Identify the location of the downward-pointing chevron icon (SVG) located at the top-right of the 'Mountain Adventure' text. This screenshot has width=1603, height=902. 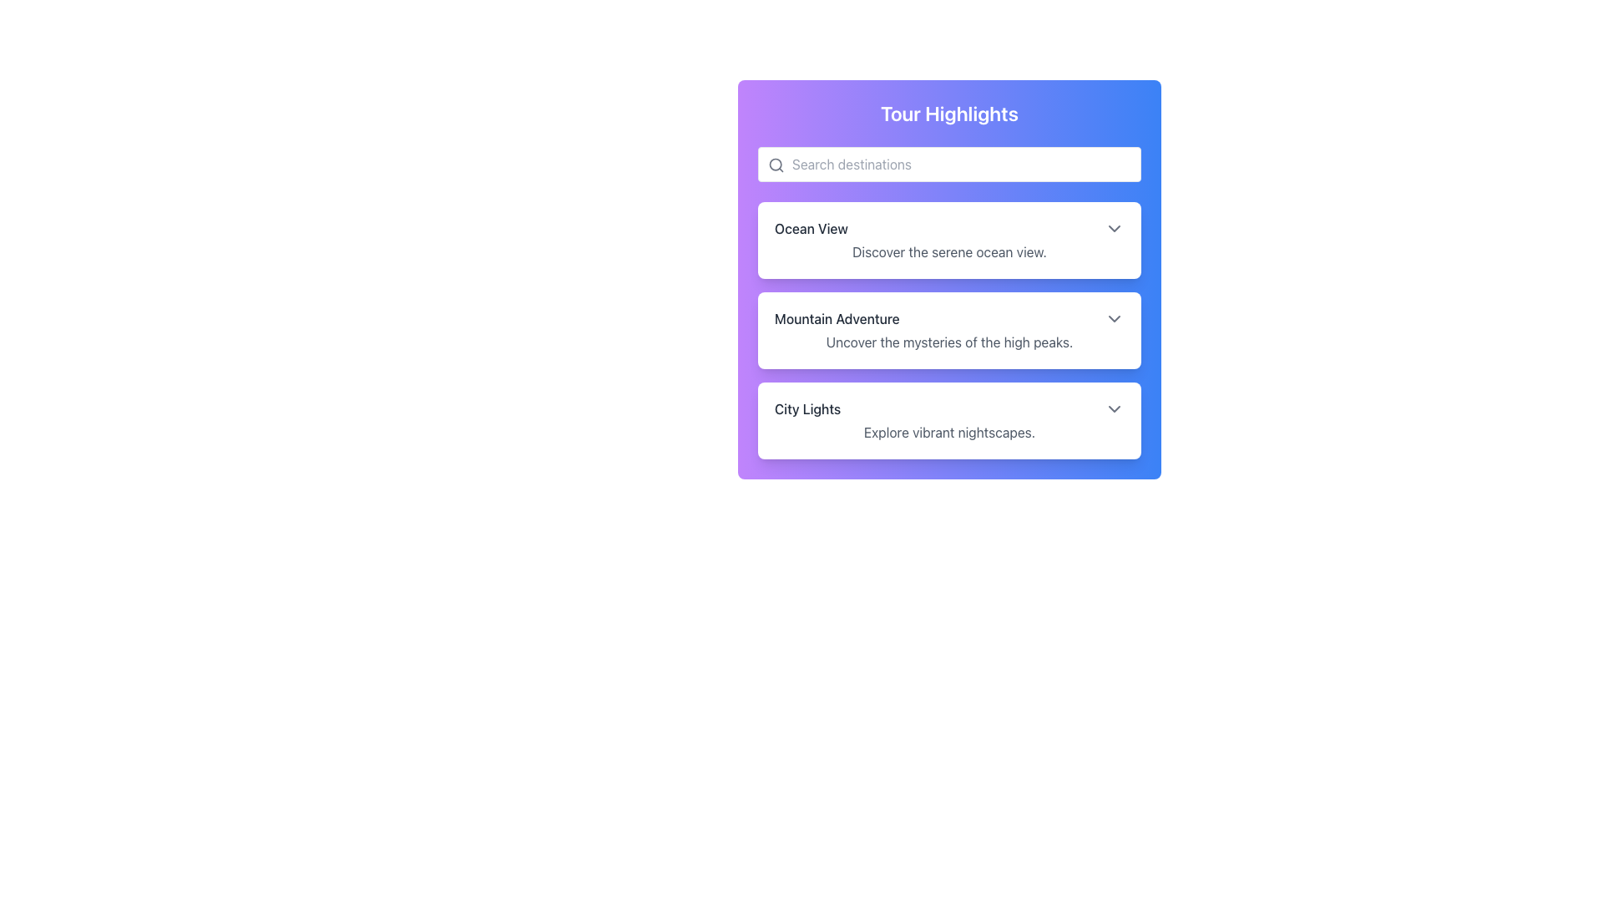
(1114, 318).